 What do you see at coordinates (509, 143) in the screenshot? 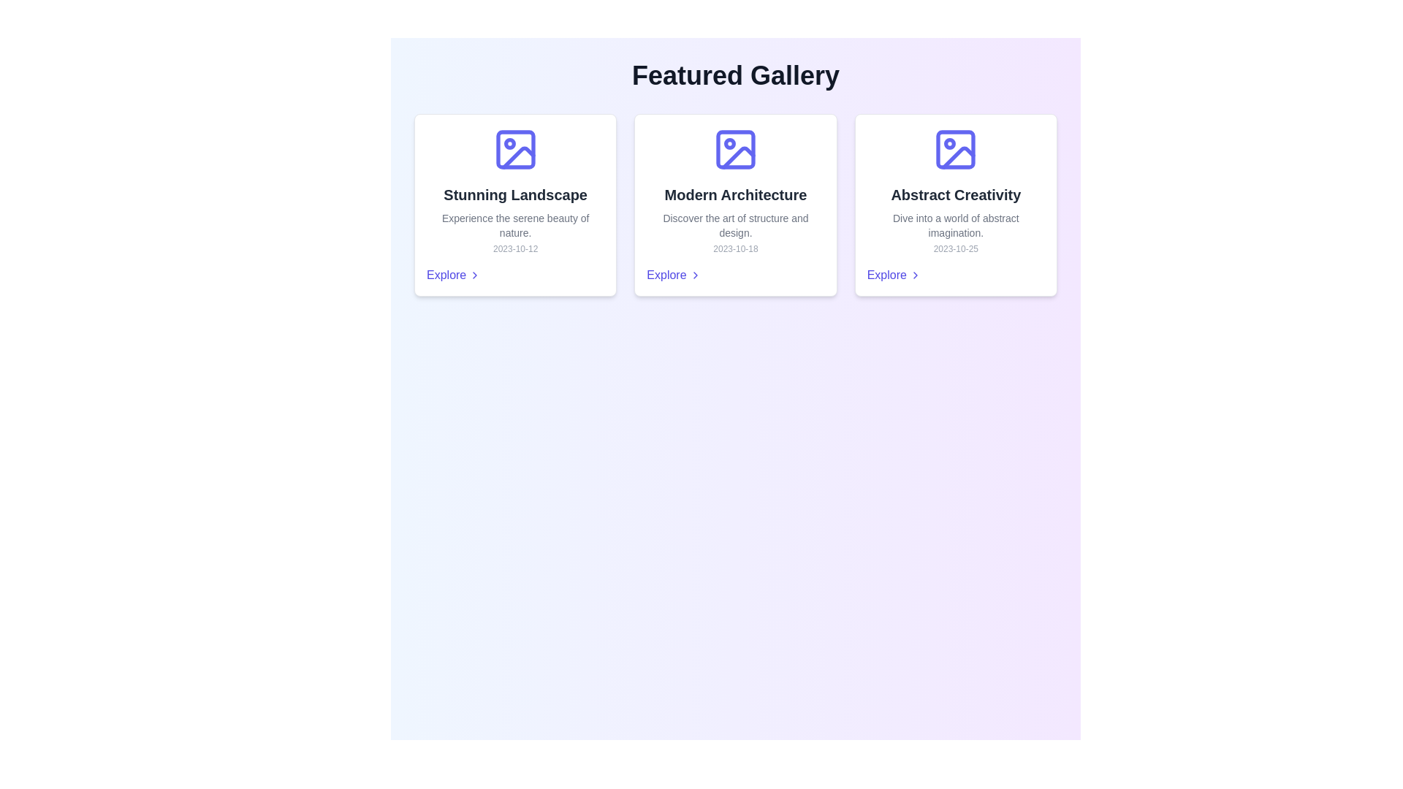
I see `position of the decorative circle element located within the image icon of the 'Stunning Landscape' card` at bounding box center [509, 143].